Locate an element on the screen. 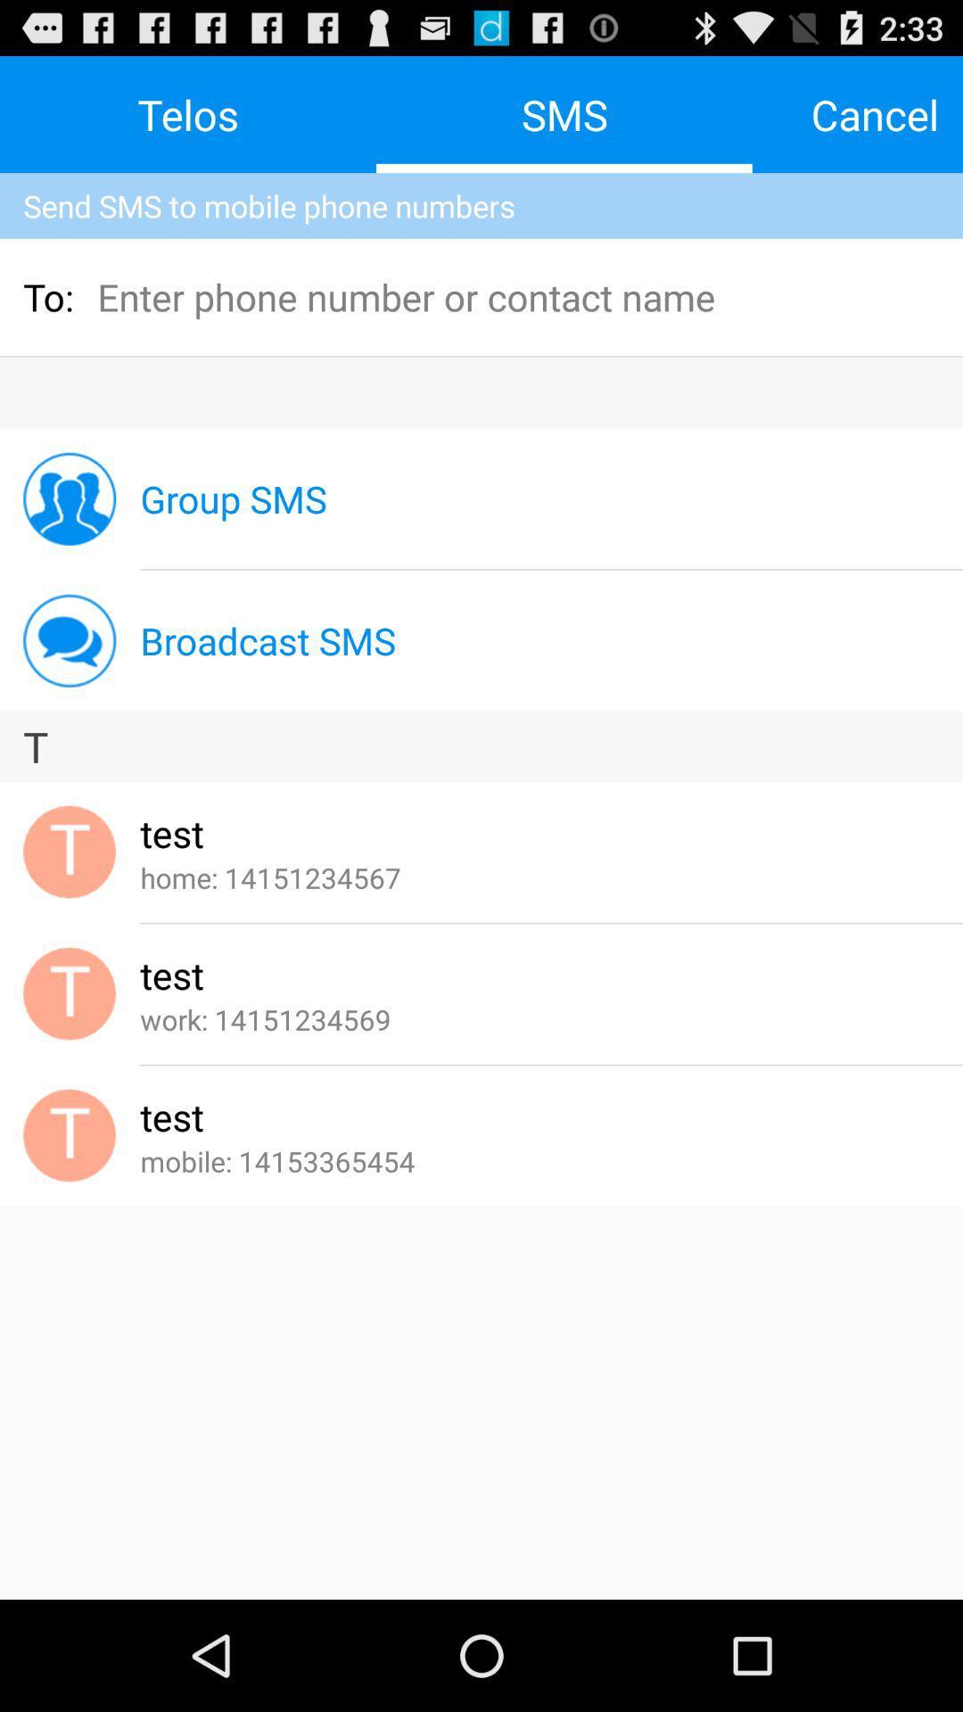 This screenshot has height=1712, width=963. the mobile: 14153365454 at the bottom left corner is located at coordinates (277, 1161).